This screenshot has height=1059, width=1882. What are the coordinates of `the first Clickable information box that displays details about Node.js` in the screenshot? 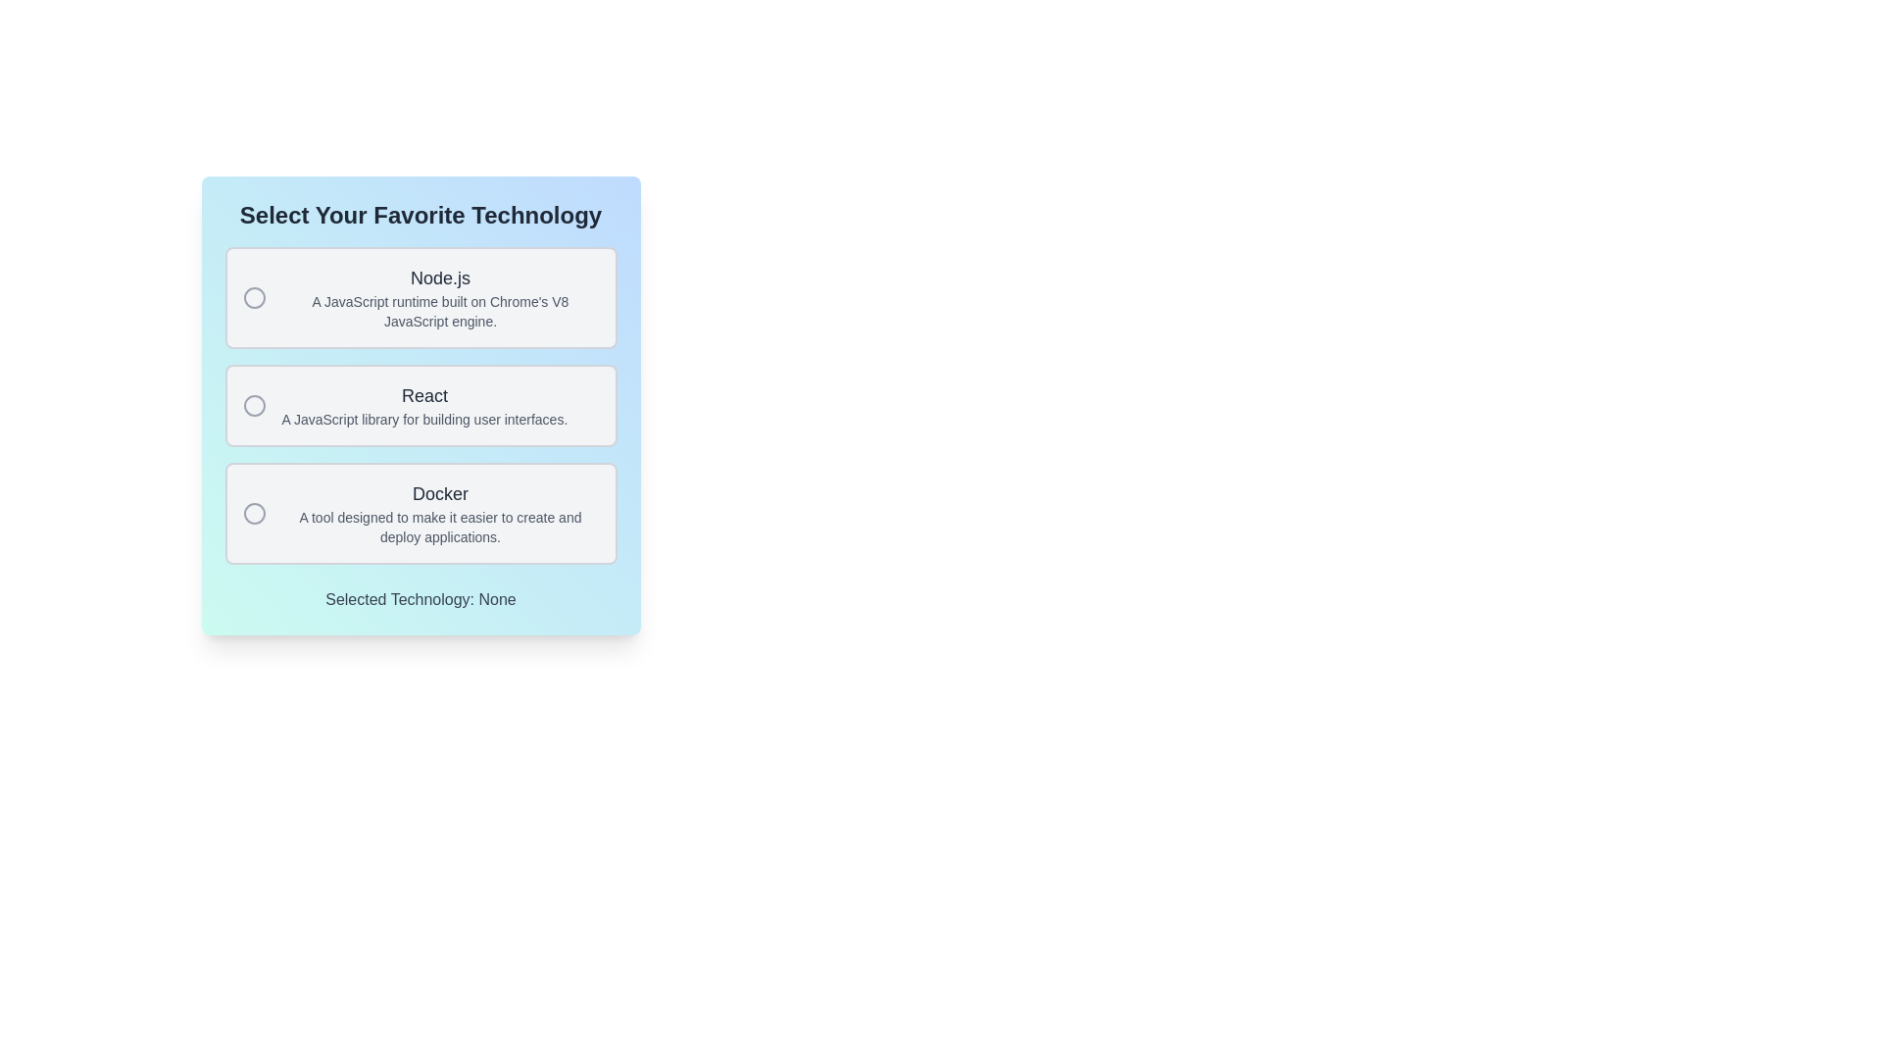 It's located at (420, 298).